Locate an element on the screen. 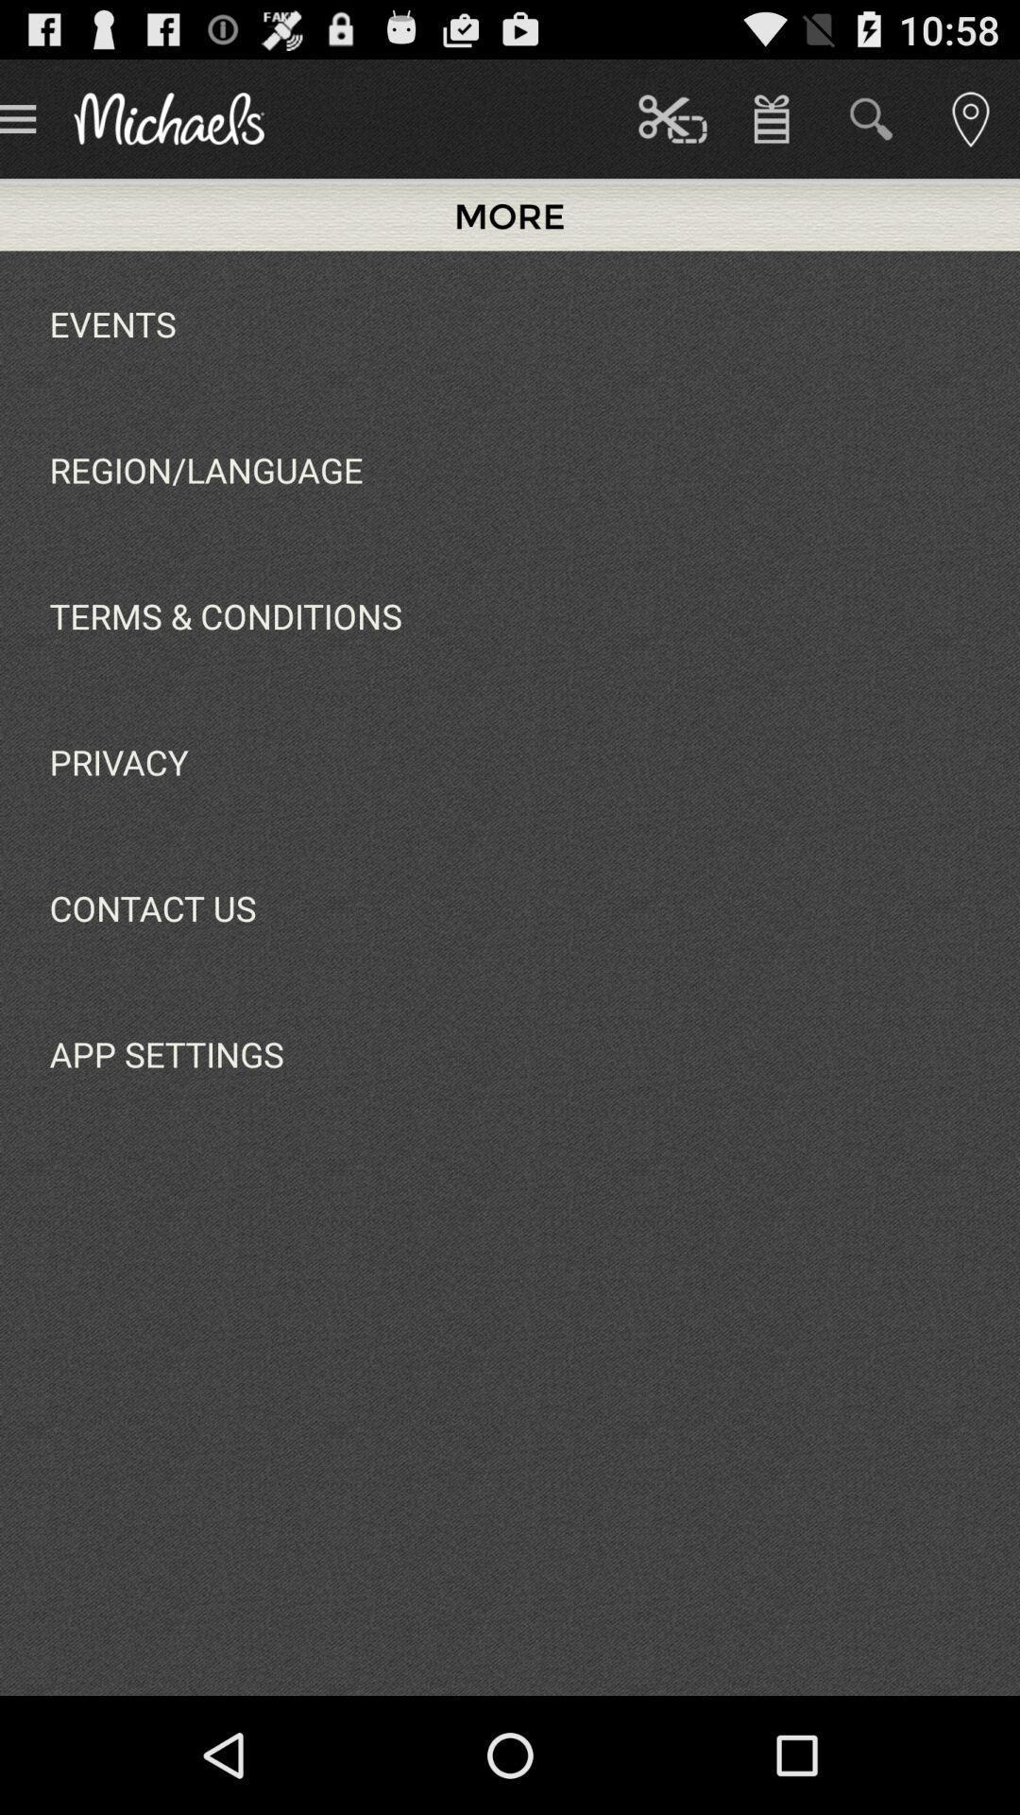 Image resolution: width=1020 pixels, height=1815 pixels. app below events app is located at coordinates (206, 470).